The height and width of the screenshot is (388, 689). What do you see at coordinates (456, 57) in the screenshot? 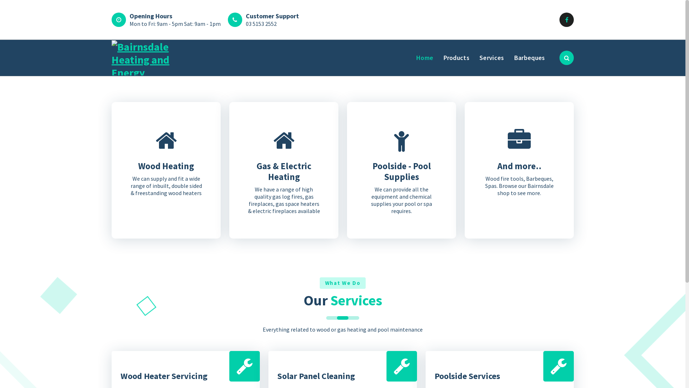
I see `'Products'` at bounding box center [456, 57].